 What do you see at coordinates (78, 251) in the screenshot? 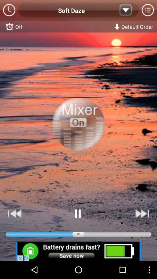
I see `battery save option` at bounding box center [78, 251].